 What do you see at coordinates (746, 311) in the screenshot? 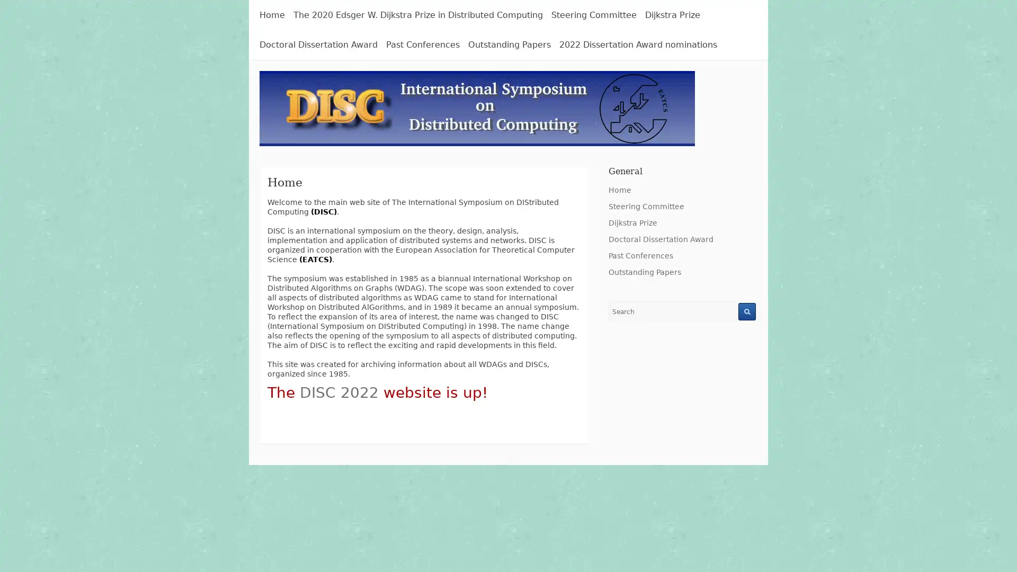
I see `Search` at bounding box center [746, 311].